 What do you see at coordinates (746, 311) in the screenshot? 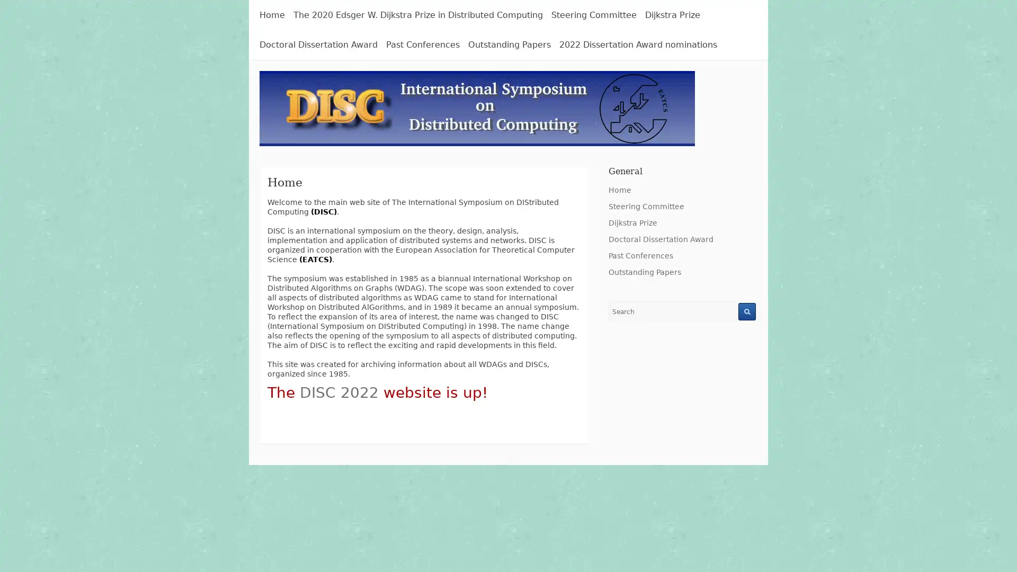
I see `Search` at bounding box center [746, 311].